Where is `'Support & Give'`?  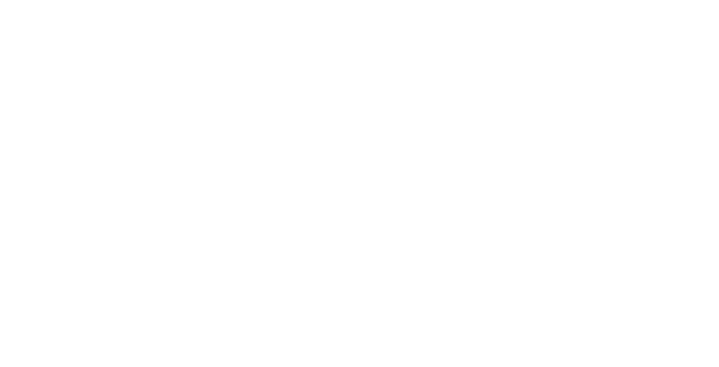 'Support & Give' is located at coordinates (372, 132).